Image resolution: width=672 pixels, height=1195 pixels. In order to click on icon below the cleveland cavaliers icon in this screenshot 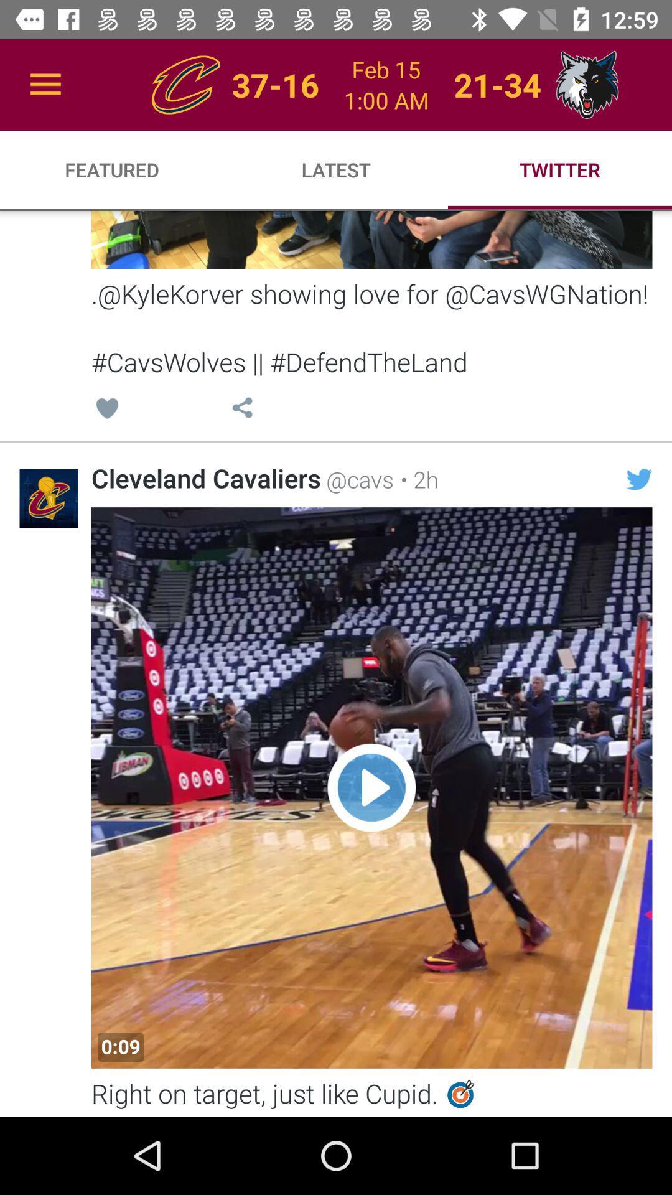, I will do `click(121, 1046)`.